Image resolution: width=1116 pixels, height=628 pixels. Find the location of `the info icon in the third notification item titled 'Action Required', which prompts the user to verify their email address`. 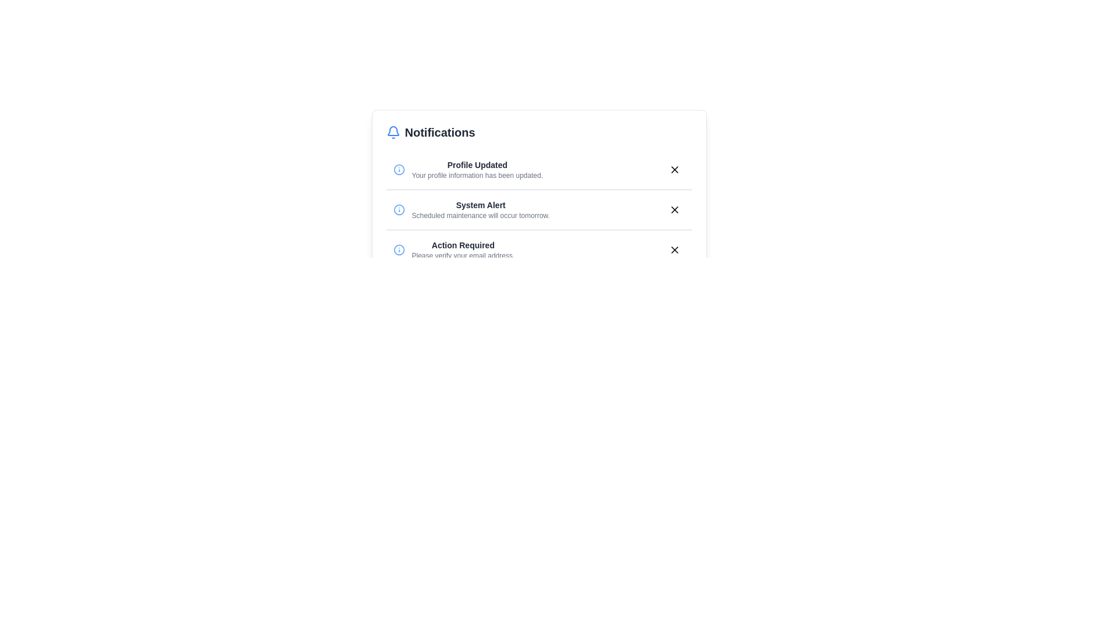

the info icon in the third notification item titled 'Action Required', which prompts the user to verify their email address is located at coordinates (453, 249).